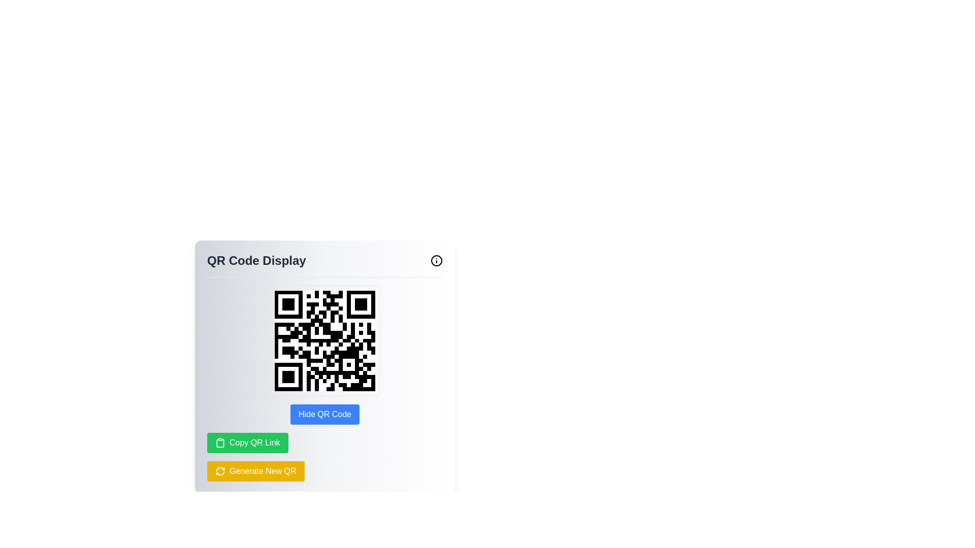  What do you see at coordinates (324, 415) in the screenshot?
I see `the blue button labeled 'Hide QR Code' to hide the QR code display, which is the topmost interactive element among three vertically arranged buttons` at bounding box center [324, 415].